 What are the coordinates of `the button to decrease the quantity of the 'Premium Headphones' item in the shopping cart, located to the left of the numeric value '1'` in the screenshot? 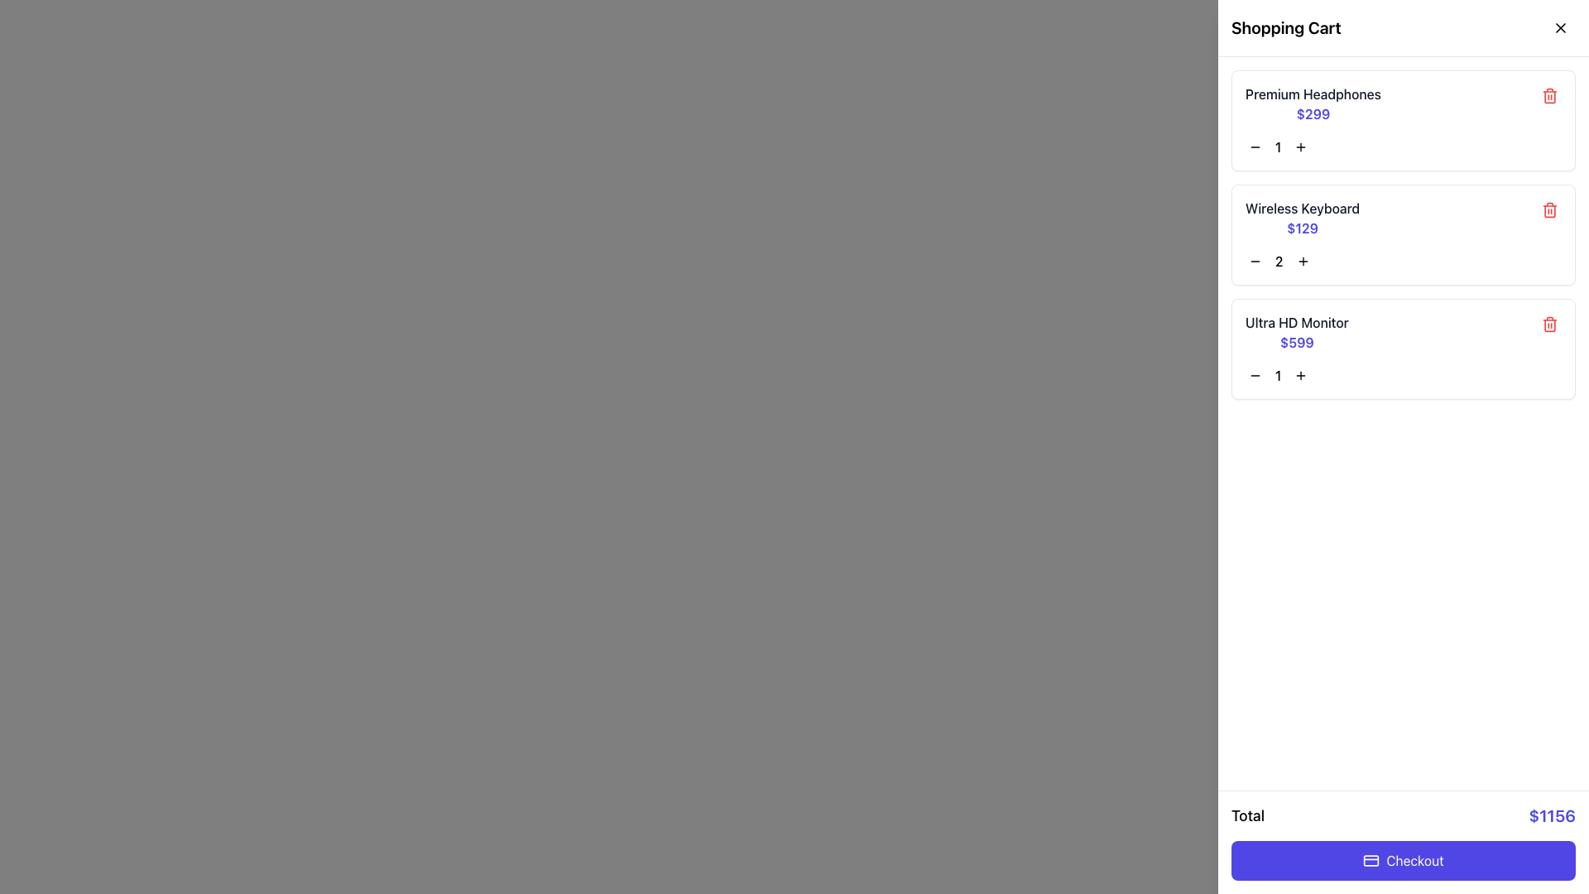 It's located at (1255, 146).